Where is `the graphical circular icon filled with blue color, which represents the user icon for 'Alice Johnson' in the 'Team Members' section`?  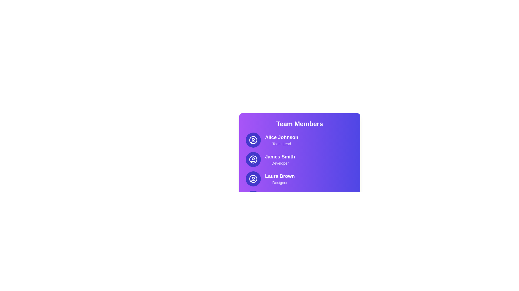 the graphical circular icon filled with blue color, which represents the user icon for 'Alice Johnson' in the 'Team Members' section is located at coordinates (253, 140).